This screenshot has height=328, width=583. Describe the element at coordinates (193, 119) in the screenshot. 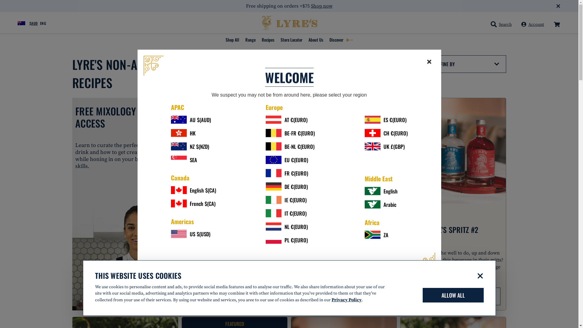

I see `'AU` at that location.